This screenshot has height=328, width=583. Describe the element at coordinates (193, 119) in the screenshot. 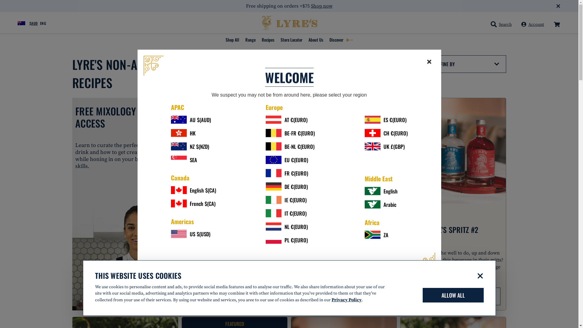

I see `'AU` at that location.